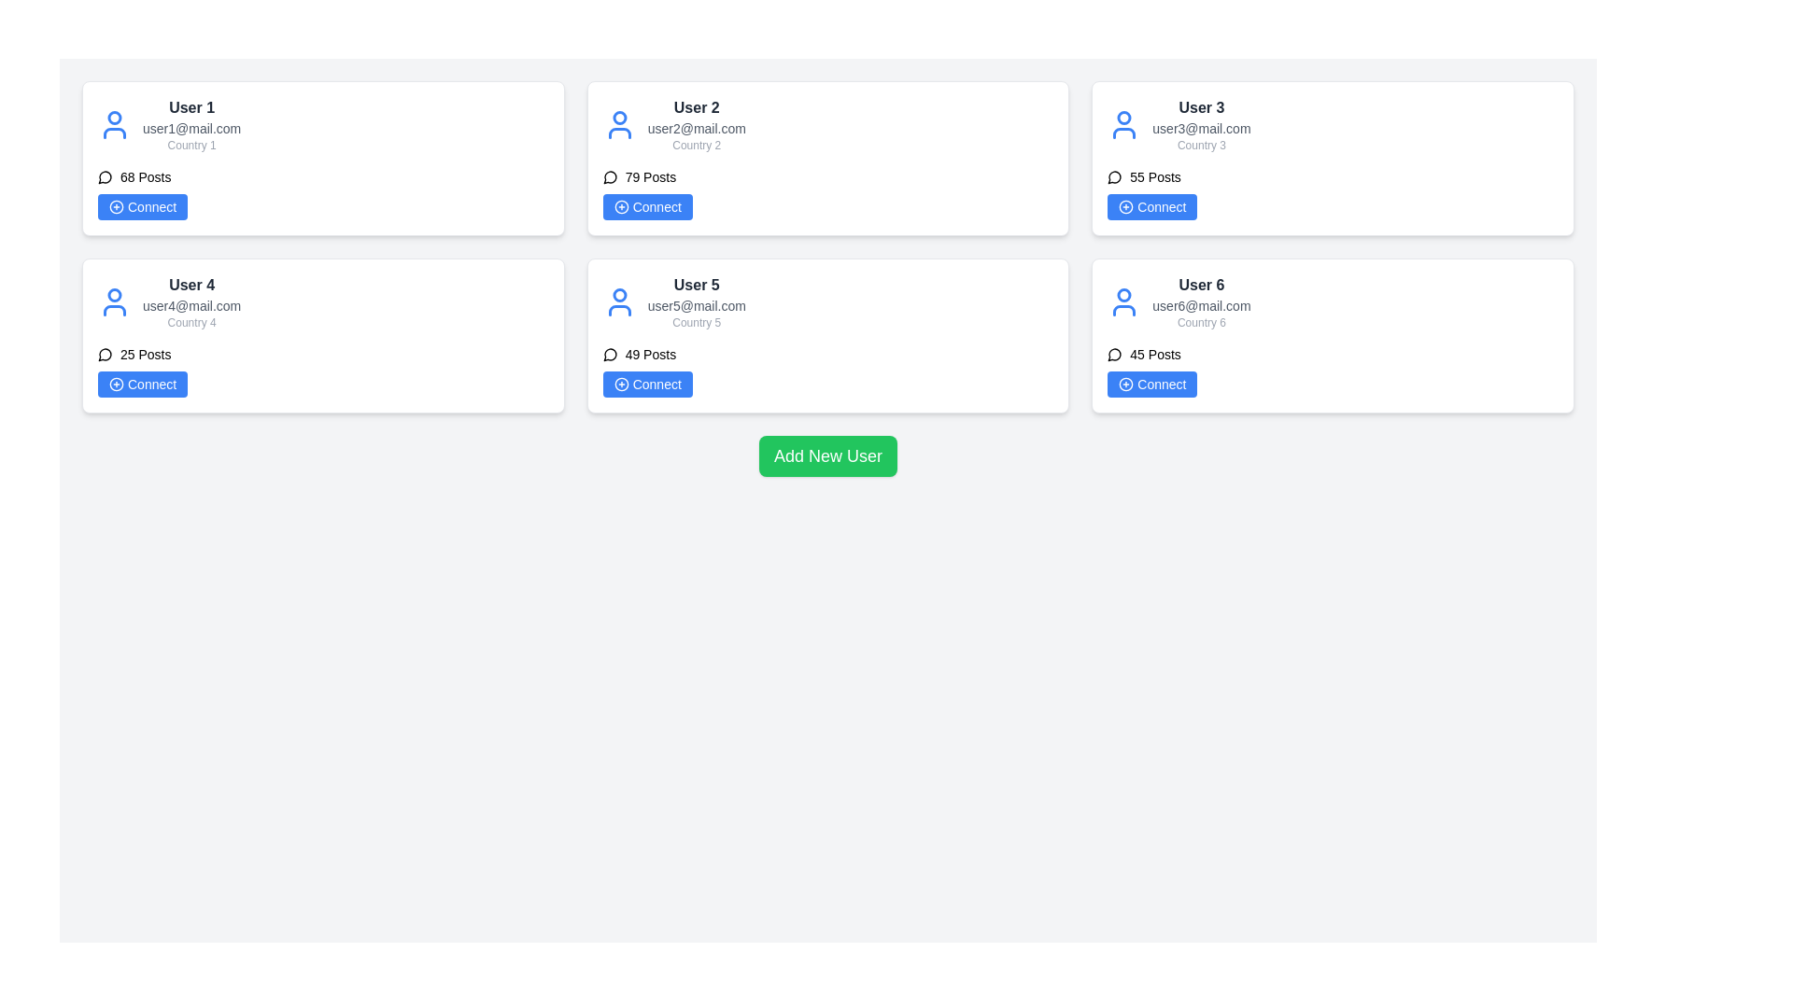 This screenshot has width=1793, height=1008. What do you see at coordinates (1201, 285) in the screenshot?
I see `the text label that serves as the primary identifier or title for the card, located at the top of the card in the bottom-right corner of the layout` at bounding box center [1201, 285].